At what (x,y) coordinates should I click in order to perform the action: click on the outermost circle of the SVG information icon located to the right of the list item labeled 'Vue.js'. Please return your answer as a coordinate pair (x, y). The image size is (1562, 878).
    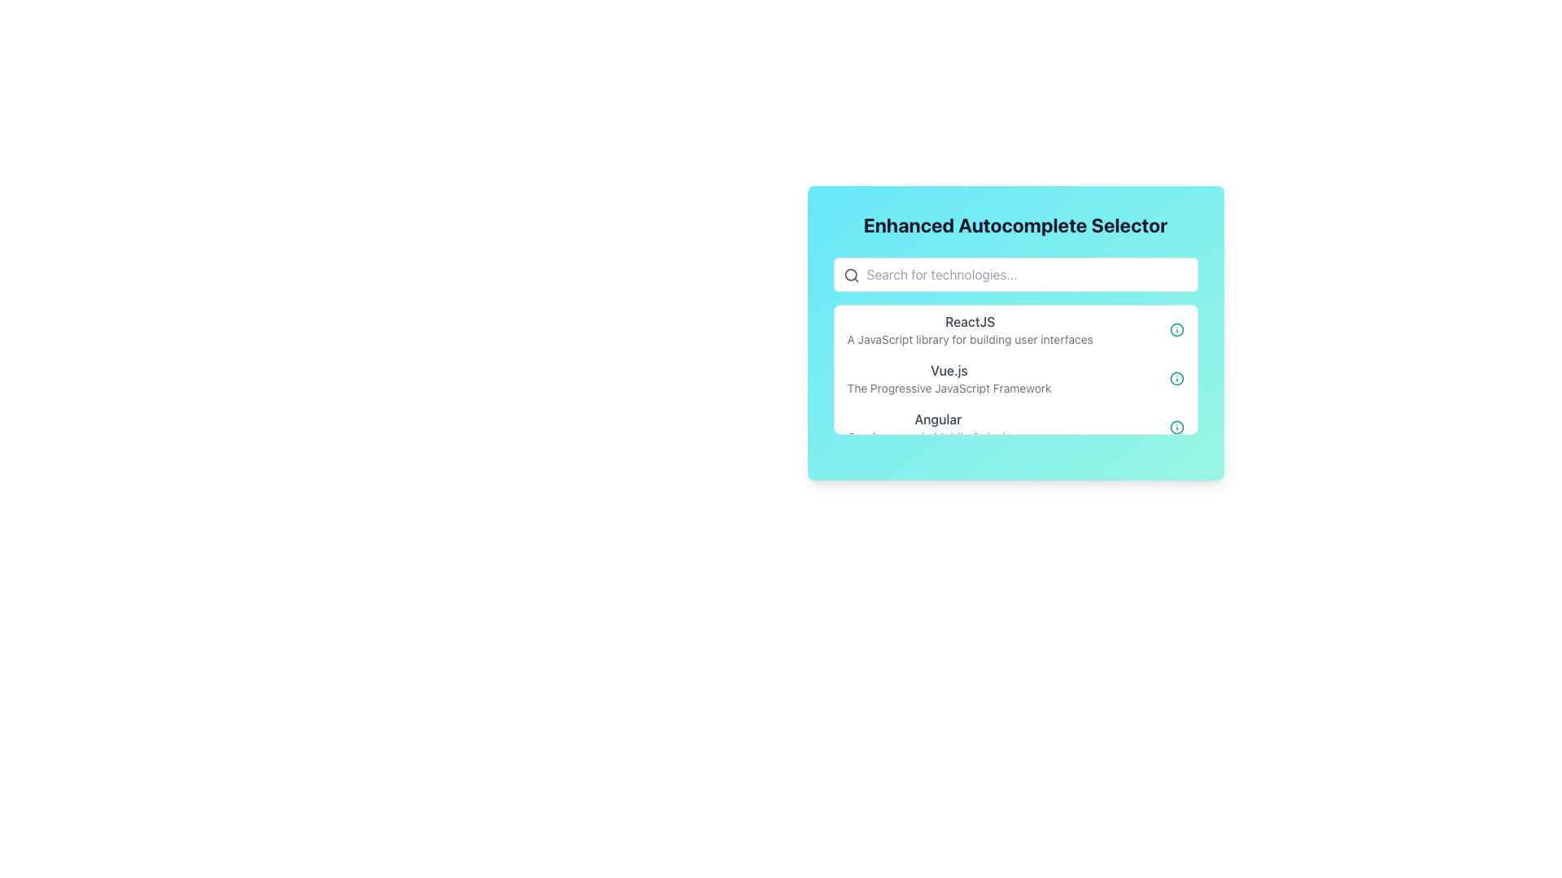
    Looking at the image, I should click on (1176, 329).